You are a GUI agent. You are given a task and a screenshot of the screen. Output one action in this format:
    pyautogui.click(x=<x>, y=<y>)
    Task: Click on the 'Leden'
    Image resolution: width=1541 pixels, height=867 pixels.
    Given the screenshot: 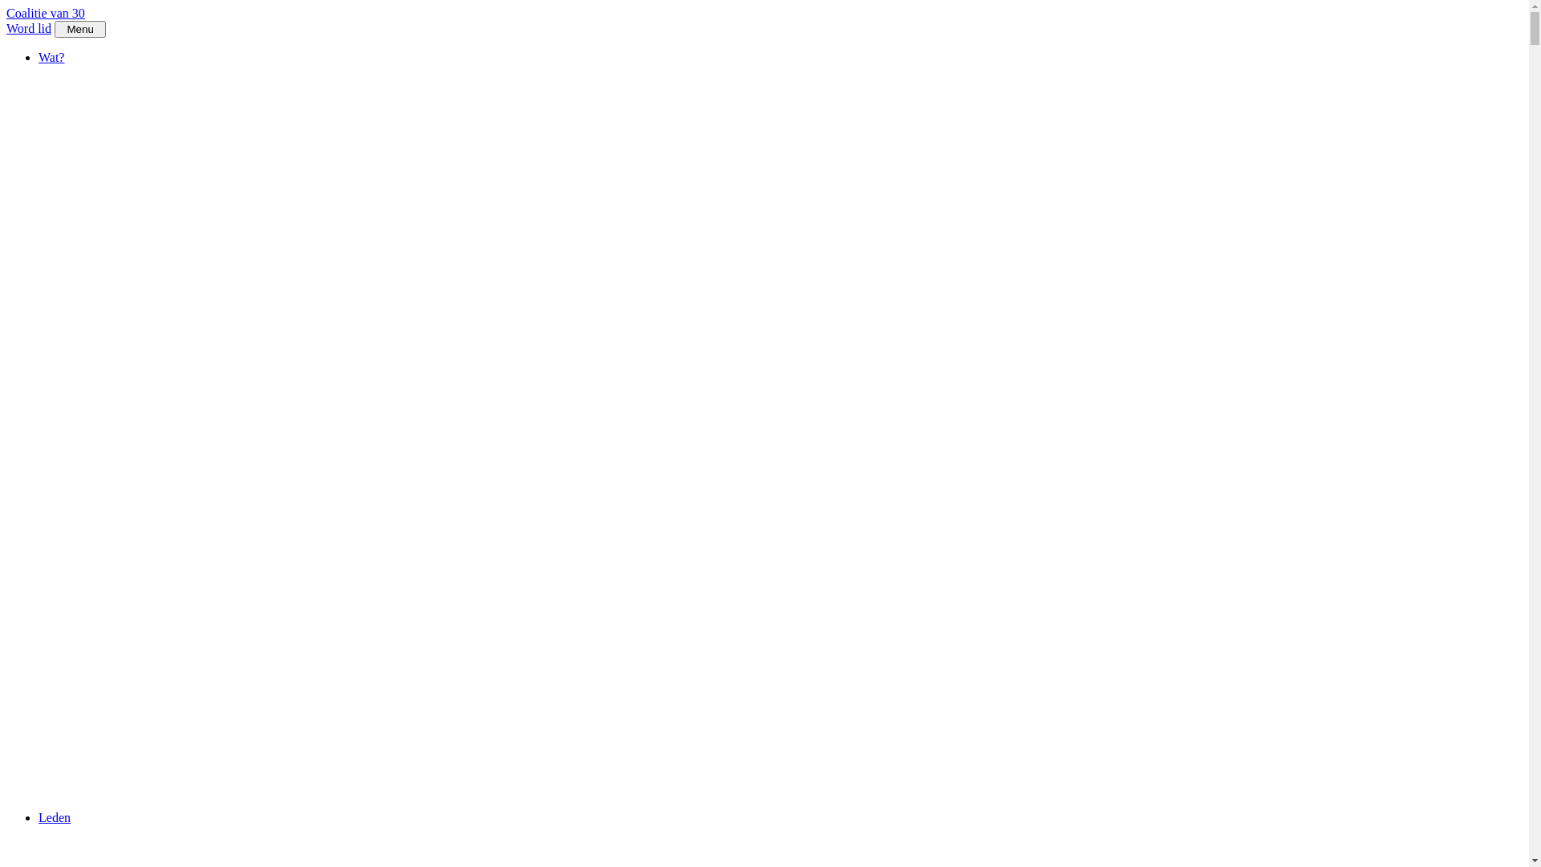 What is the action you would take?
    pyautogui.click(x=54, y=817)
    